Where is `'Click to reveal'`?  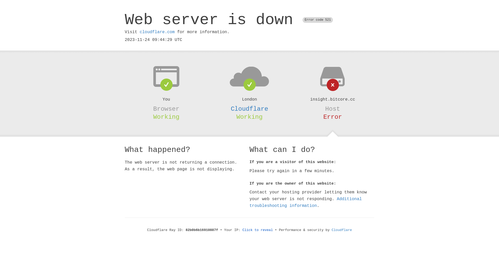
'Click to reveal' is located at coordinates (242, 230).